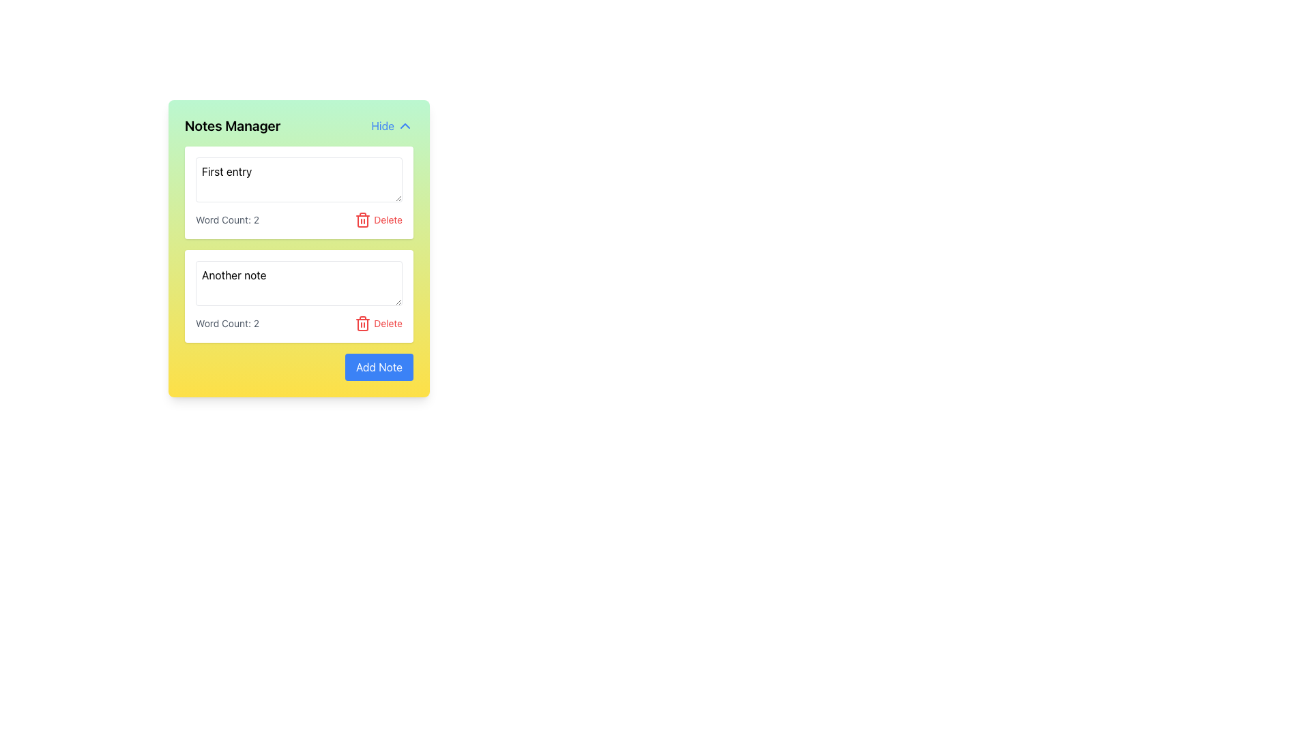 This screenshot has height=736, width=1310. Describe the element at coordinates (363, 219) in the screenshot. I see `the delete icon associated with the note entry` at that location.